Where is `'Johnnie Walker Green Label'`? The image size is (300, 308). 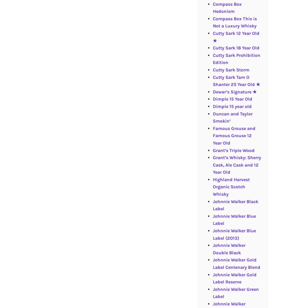
'Johnnie Walker Green Label' is located at coordinates (212, 292).